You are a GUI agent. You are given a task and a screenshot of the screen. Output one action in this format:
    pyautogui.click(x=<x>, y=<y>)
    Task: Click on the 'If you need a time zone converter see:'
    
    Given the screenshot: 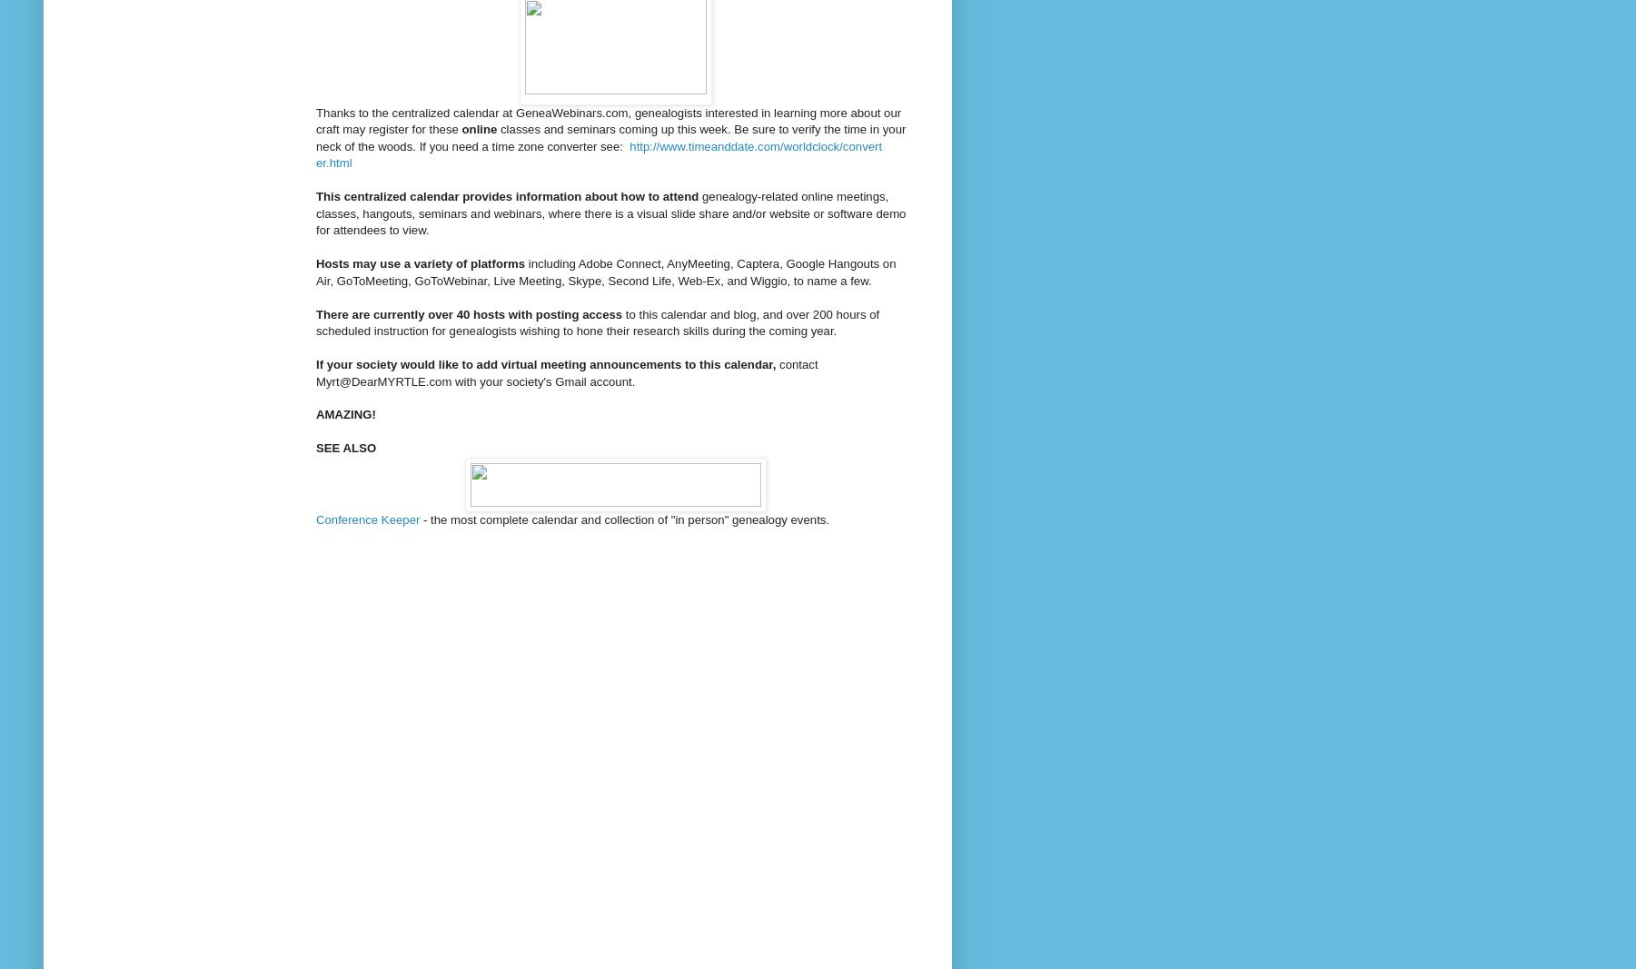 What is the action you would take?
    pyautogui.click(x=418, y=144)
    